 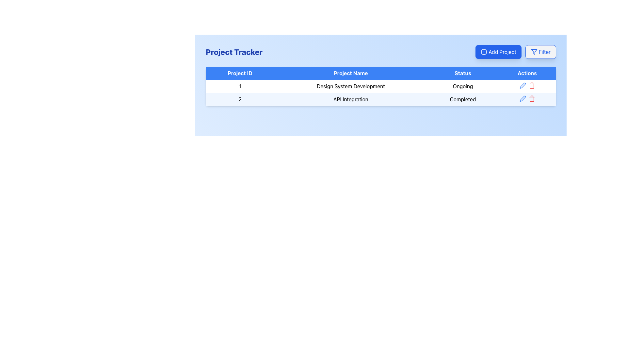 What do you see at coordinates (527, 73) in the screenshot?
I see `the Table Header Cell that labels the 'Actions' column in the table, which is the fourth column out of four, located to the right of the 'Status' column` at bounding box center [527, 73].